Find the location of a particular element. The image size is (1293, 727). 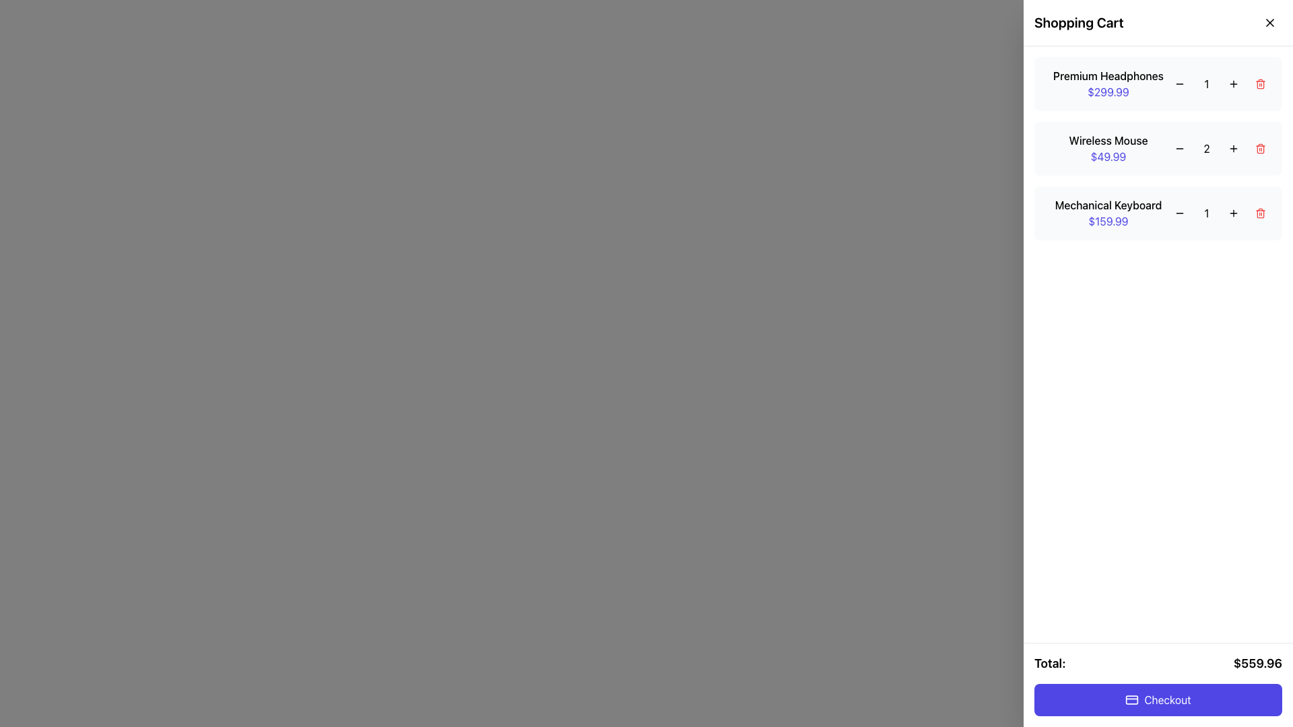

the 'Checkout' button with a vibrant indigo background and white text to change its background color is located at coordinates (1157, 699).